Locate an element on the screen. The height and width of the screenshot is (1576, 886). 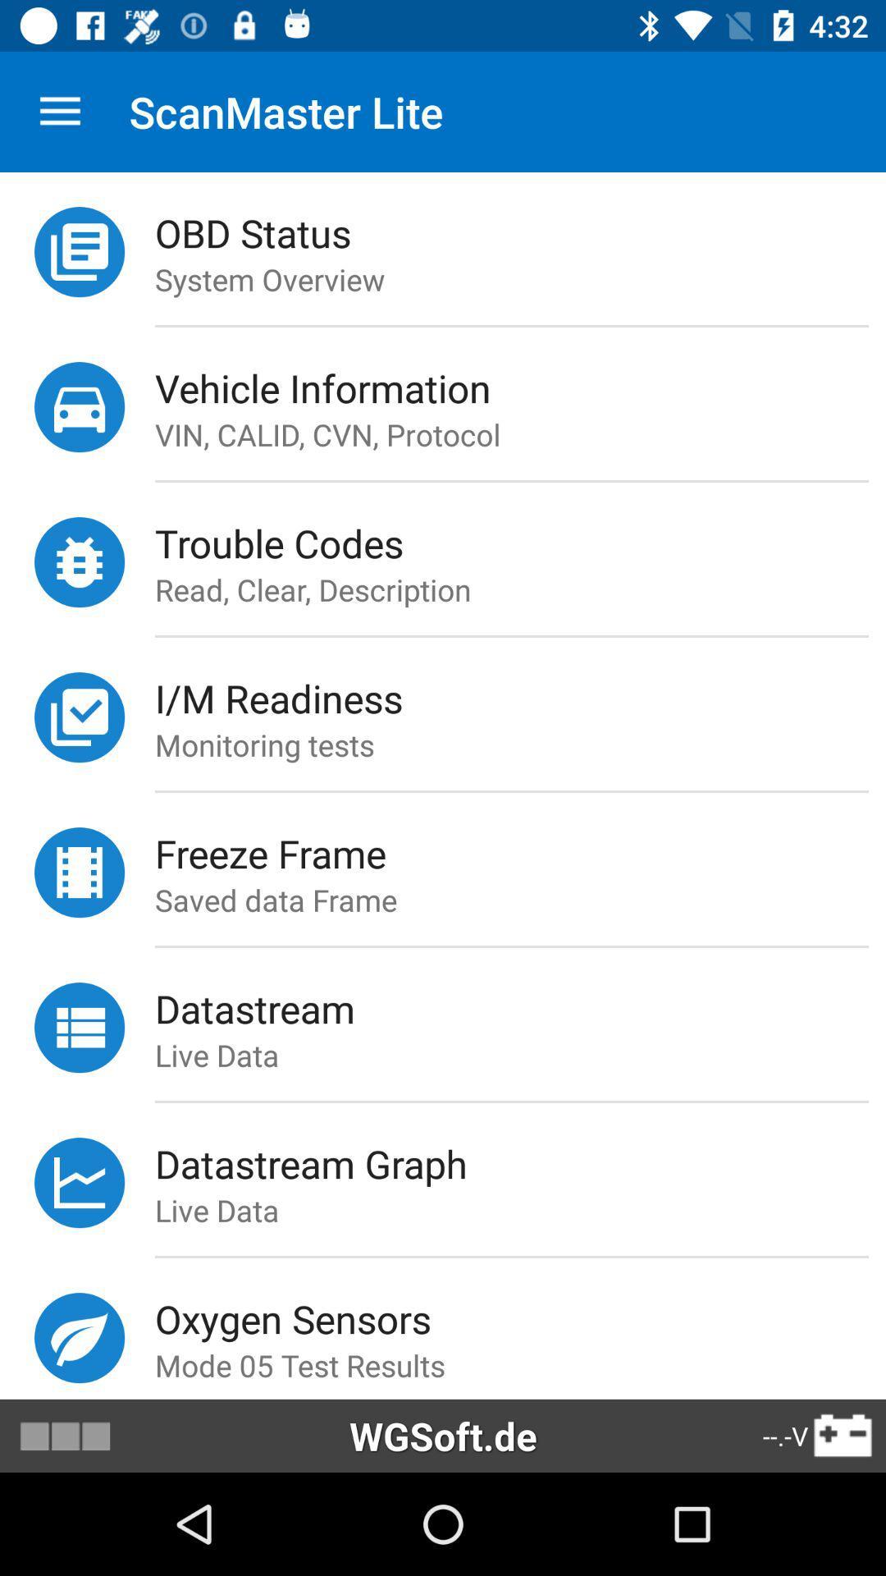
the app next to the scanmaster lite is located at coordinates (59, 111).